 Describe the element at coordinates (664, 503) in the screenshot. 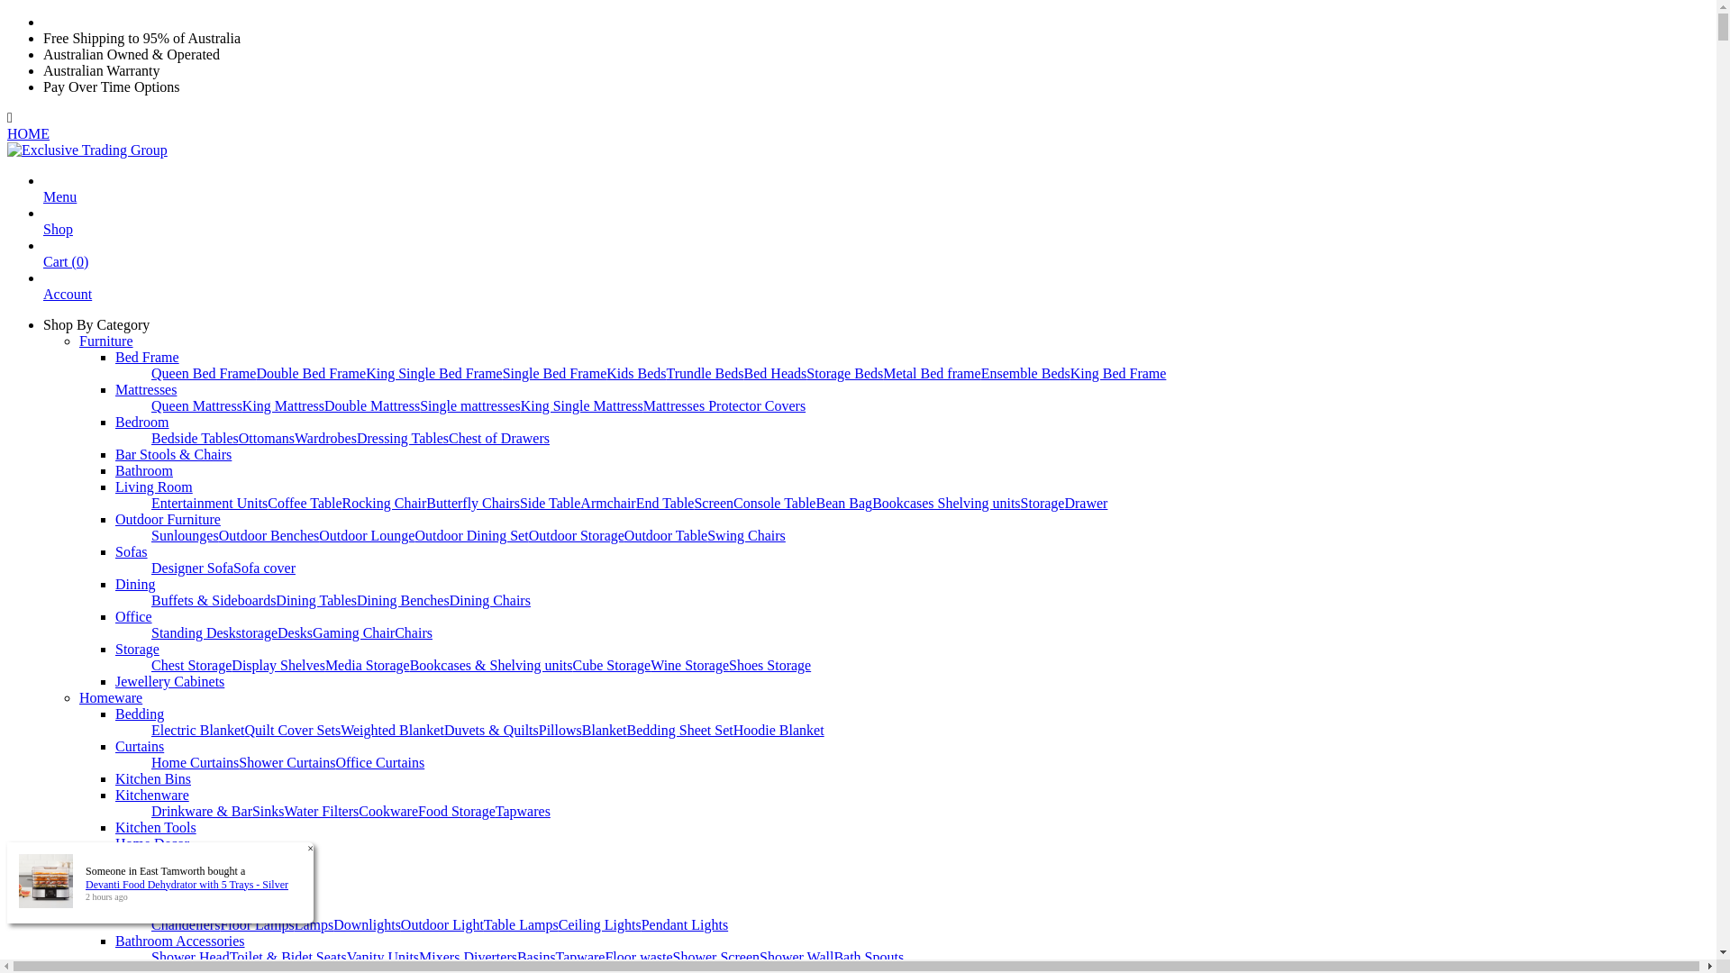

I see `'End Table'` at that location.